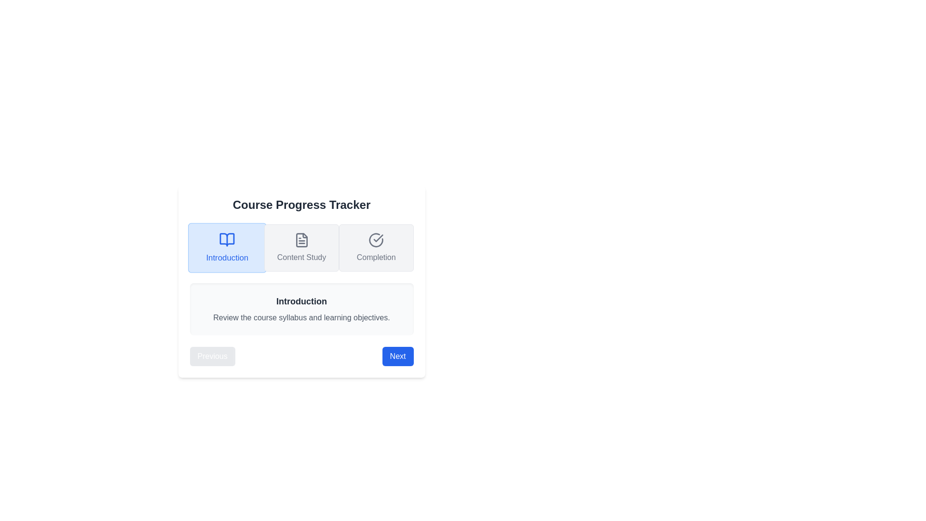  What do you see at coordinates (226, 239) in the screenshot?
I see `the 'Introduction' tab icon, which is visually aligned above the text 'Introduction' within the blue-highlighted tab group` at bounding box center [226, 239].